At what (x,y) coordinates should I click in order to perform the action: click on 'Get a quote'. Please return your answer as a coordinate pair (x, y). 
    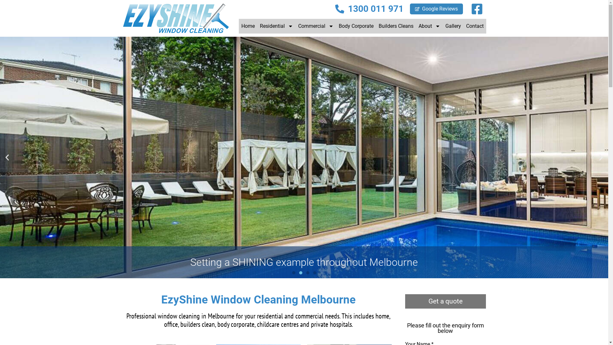
    Looking at the image, I should click on (445, 301).